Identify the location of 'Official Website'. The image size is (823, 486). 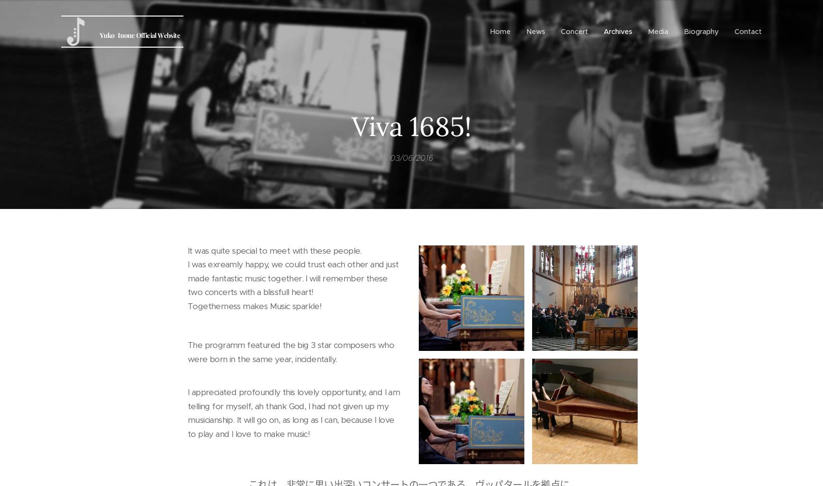
(157, 35).